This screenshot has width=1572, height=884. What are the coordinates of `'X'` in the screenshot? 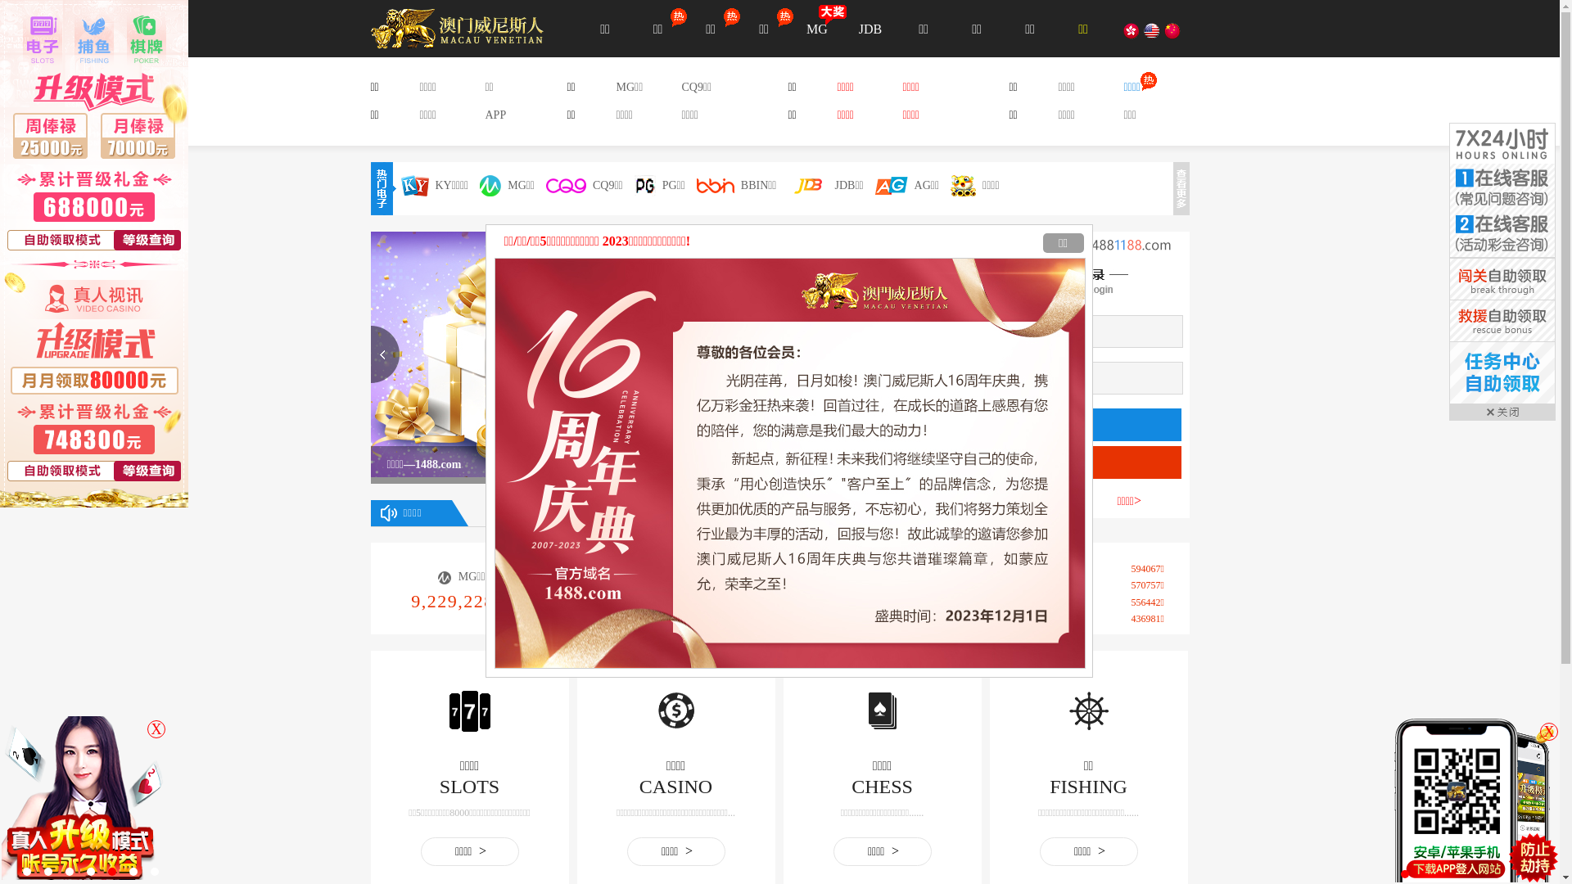 It's located at (147, 728).